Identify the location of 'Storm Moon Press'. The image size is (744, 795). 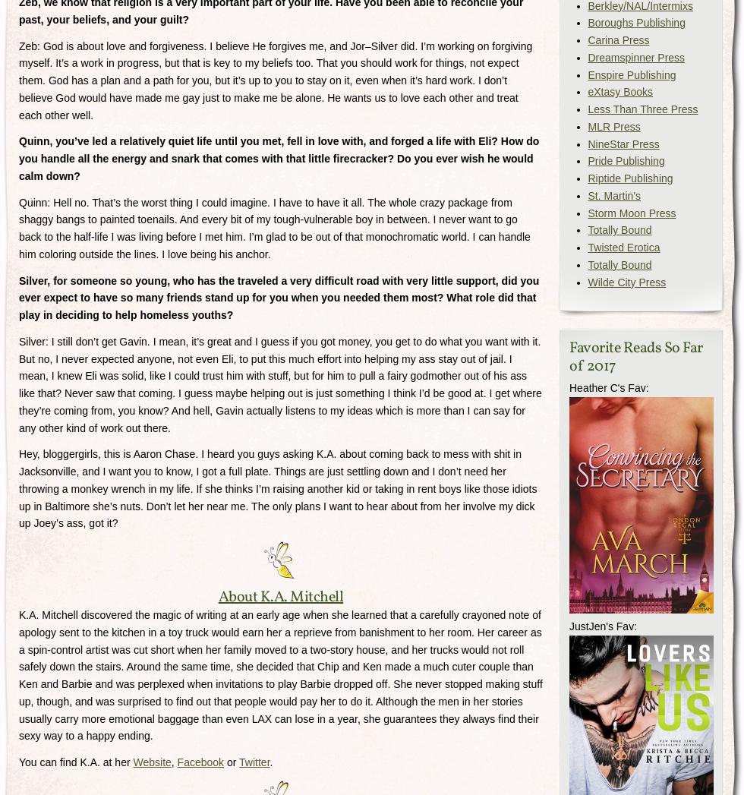
(588, 212).